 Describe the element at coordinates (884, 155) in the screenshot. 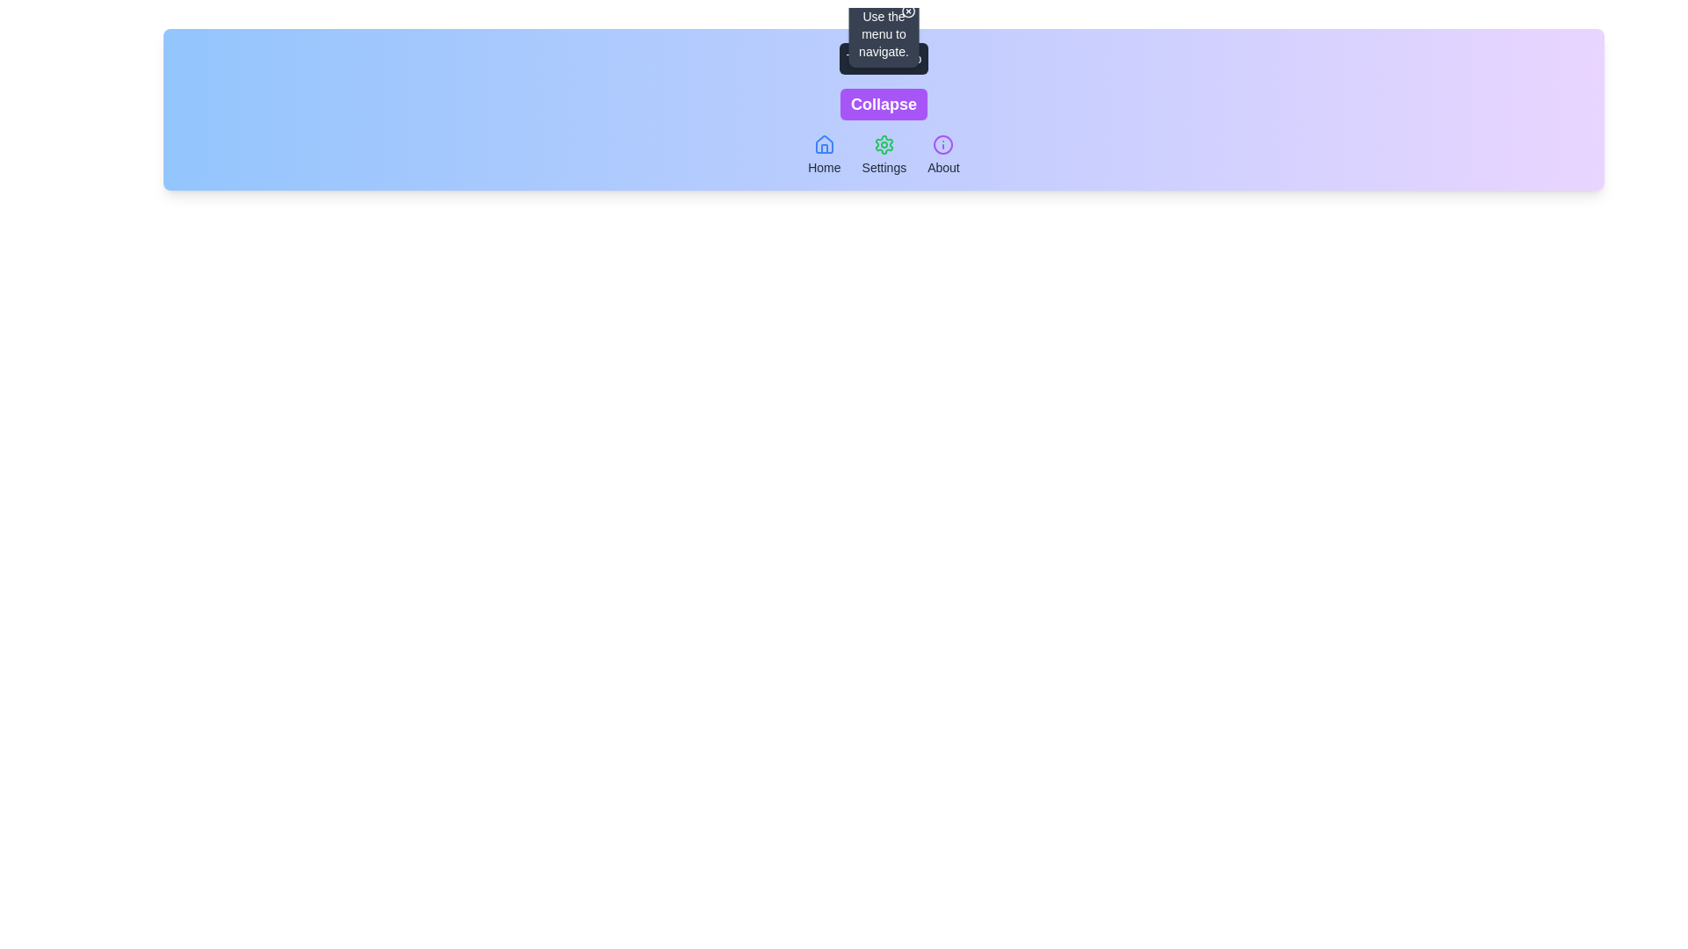

I see `the 'Settings' navigation item located centrally between 'Home' and 'About' in the bottom navigation row` at that location.